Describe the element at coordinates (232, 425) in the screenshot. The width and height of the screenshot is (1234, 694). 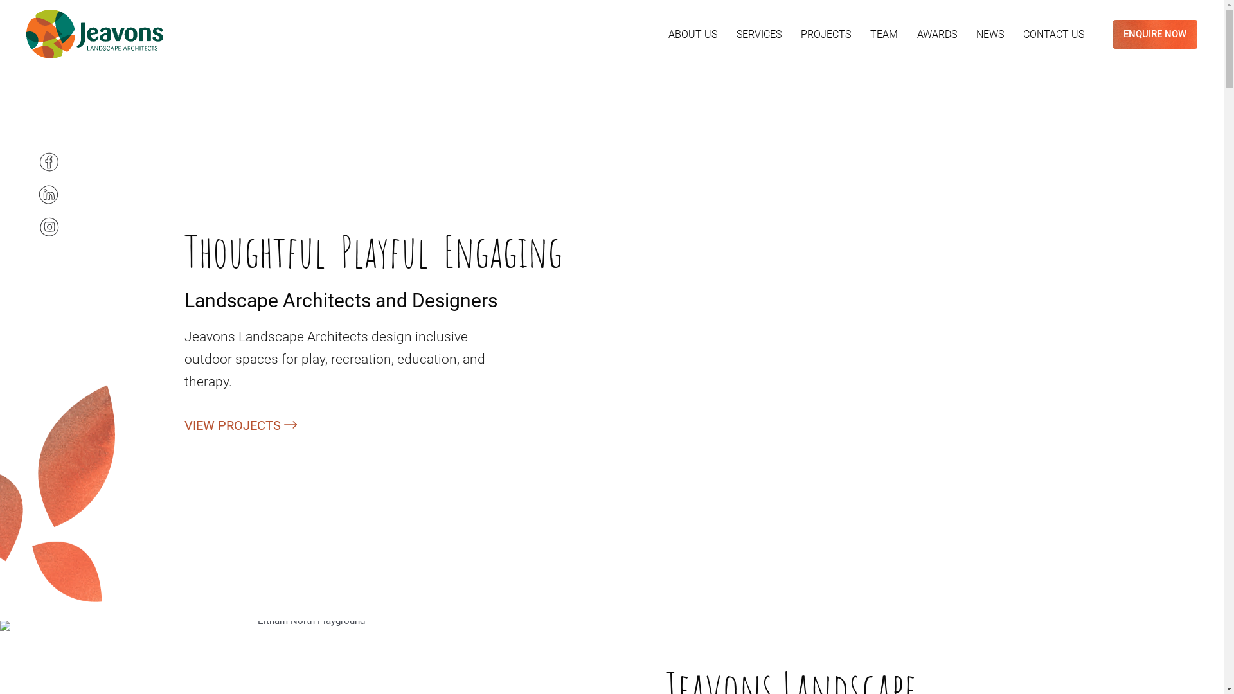
I see `'VIEW PROJECTS'` at that location.